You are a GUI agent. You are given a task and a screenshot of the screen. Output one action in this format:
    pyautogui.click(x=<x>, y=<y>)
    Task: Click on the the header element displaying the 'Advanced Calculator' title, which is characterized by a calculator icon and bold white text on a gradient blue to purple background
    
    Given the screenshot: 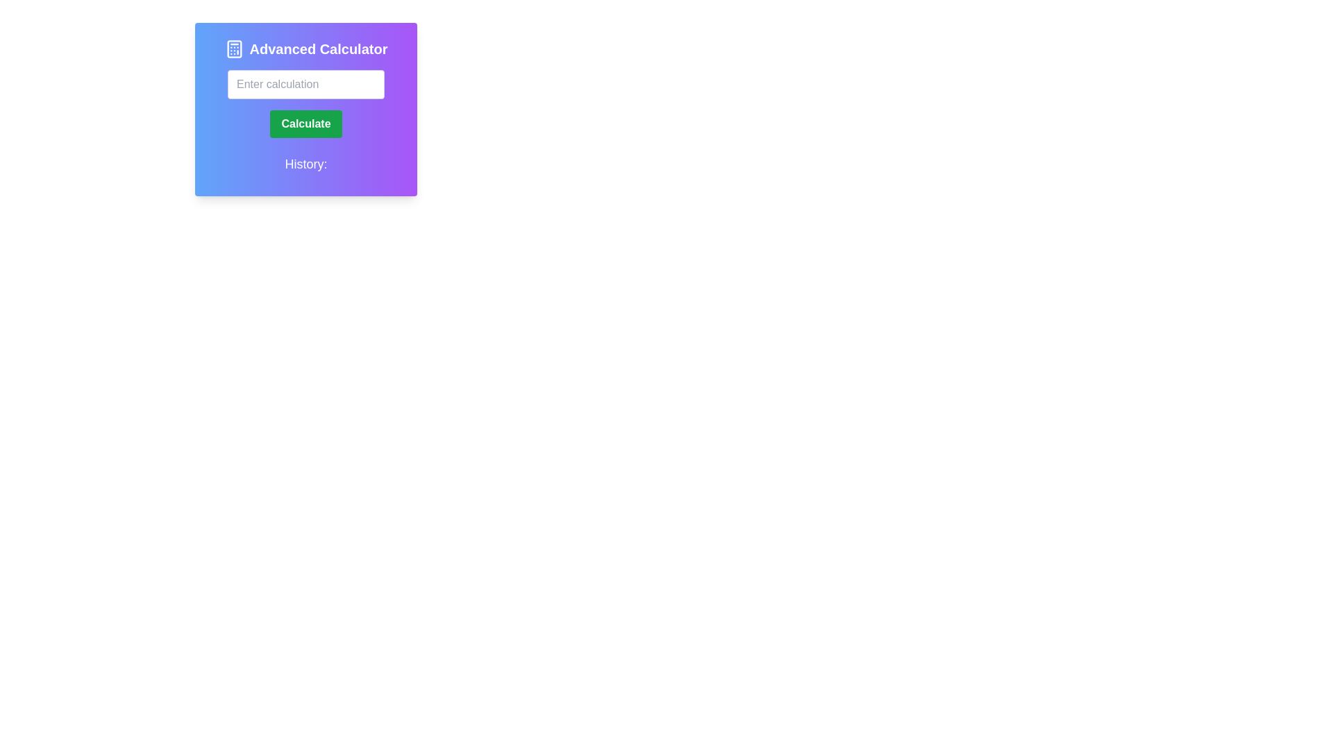 What is the action you would take?
    pyautogui.click(x=305, y=48)
    